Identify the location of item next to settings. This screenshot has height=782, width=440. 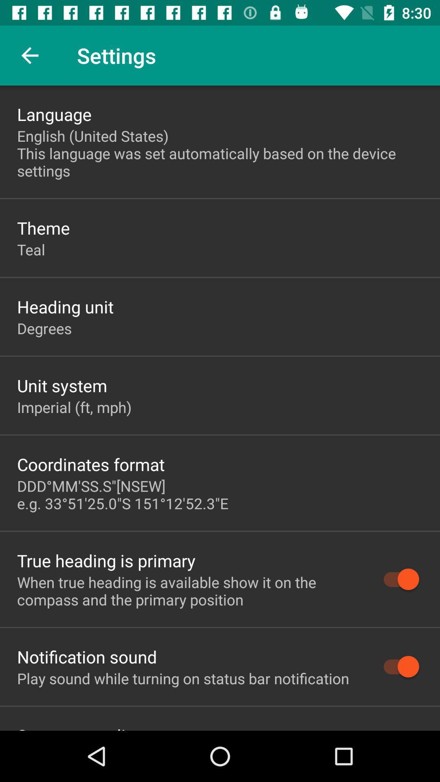
(29, 55).